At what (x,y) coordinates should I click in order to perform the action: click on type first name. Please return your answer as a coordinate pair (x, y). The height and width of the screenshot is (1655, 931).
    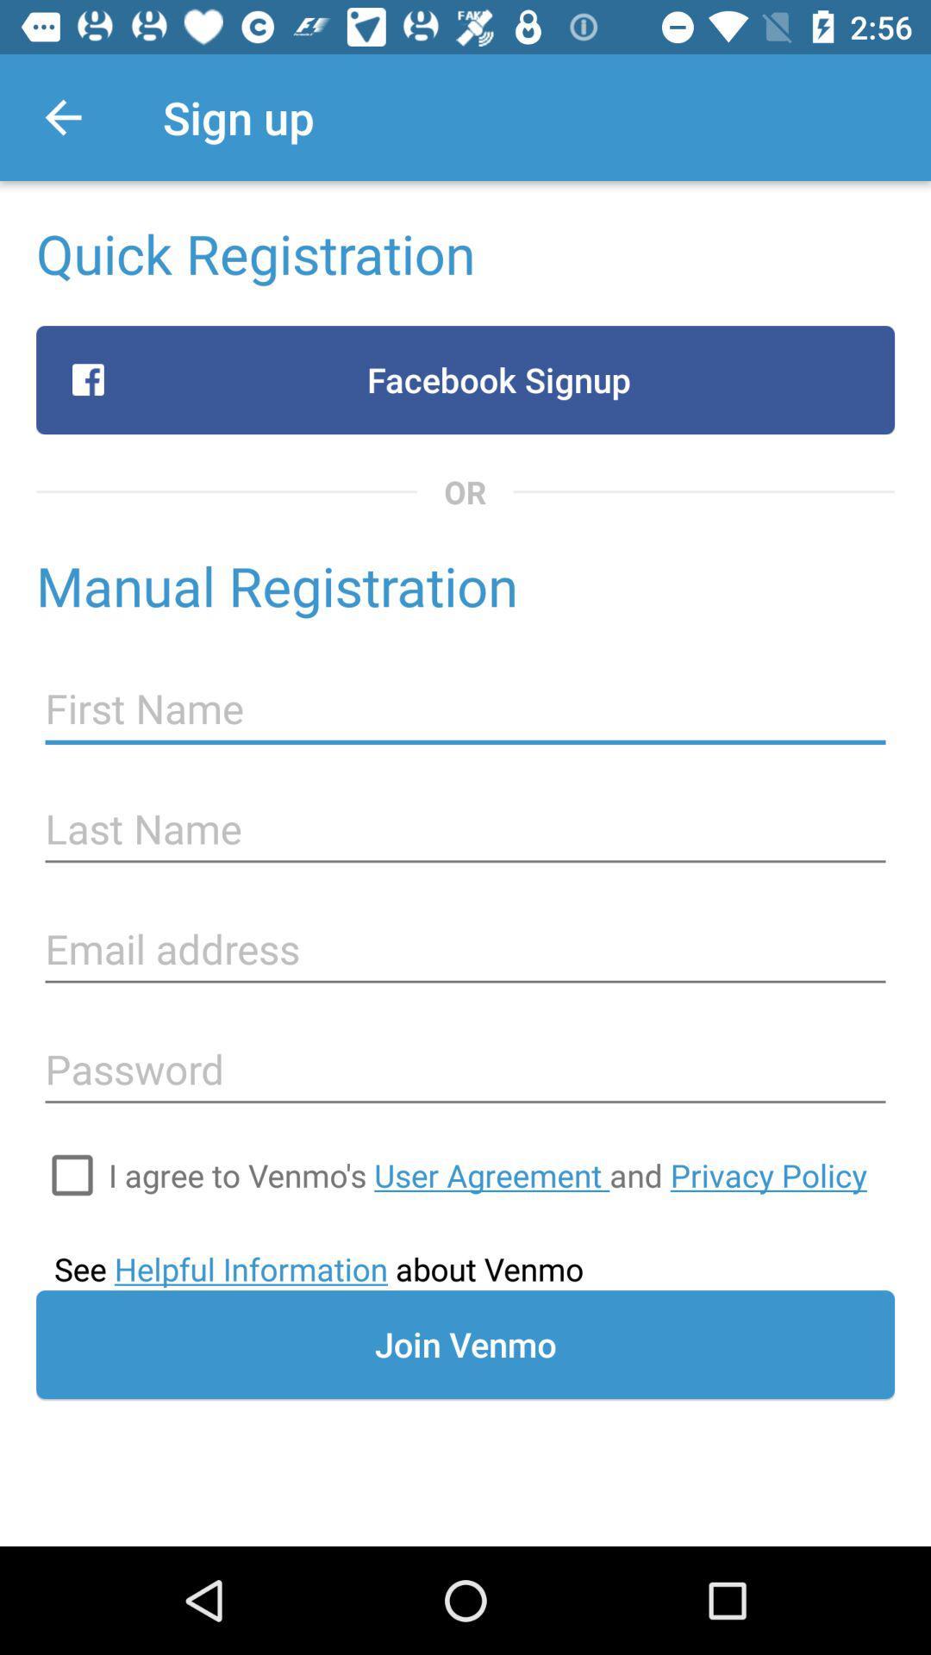
    Looking at the image, I should click on (465, 709).